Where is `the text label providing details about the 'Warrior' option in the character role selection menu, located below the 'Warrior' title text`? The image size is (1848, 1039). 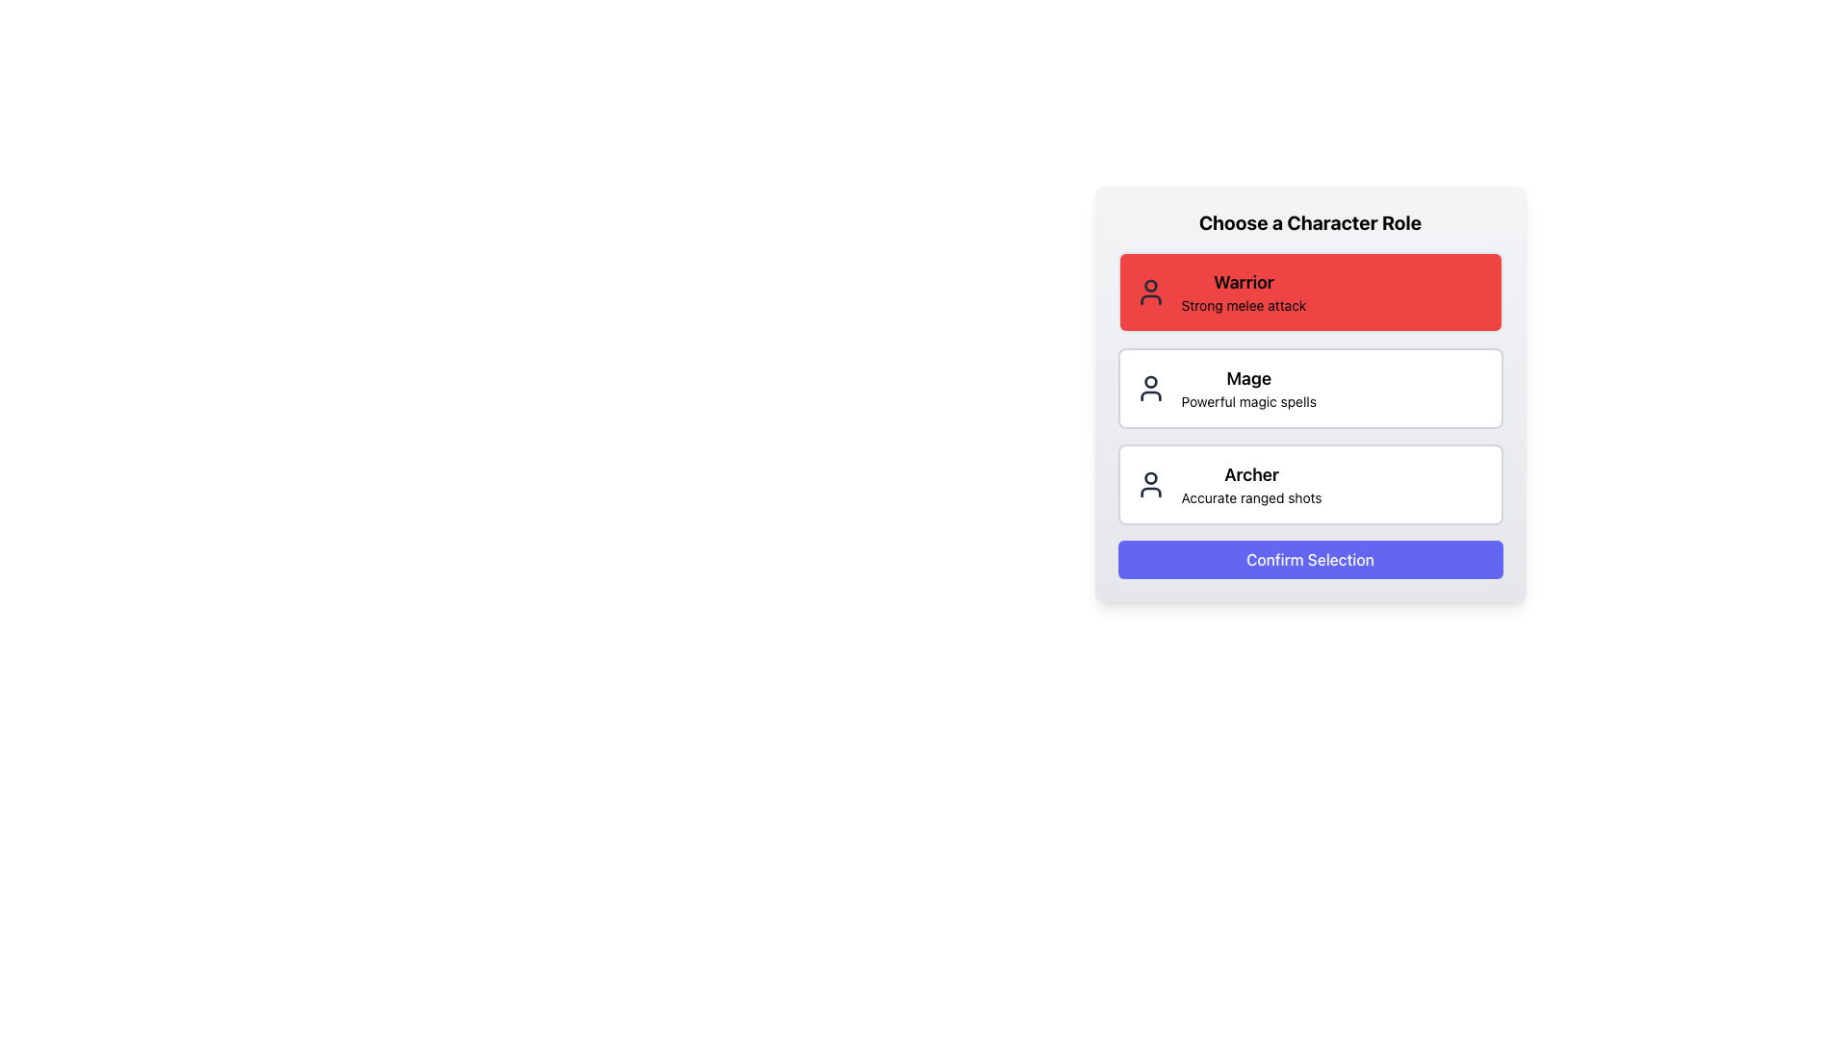 the text label providing details about the 'Warrior' option in the character role selection menu, located below the 'Warrior' title text is located at coordinates (1244, 304).